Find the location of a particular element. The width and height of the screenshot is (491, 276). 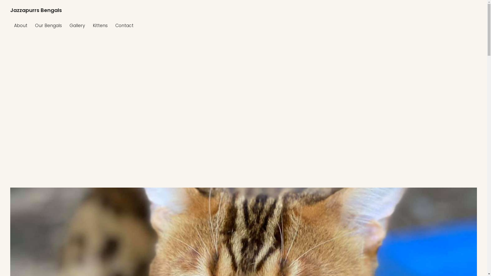

'Contact' is located at coordinates (124, 26).